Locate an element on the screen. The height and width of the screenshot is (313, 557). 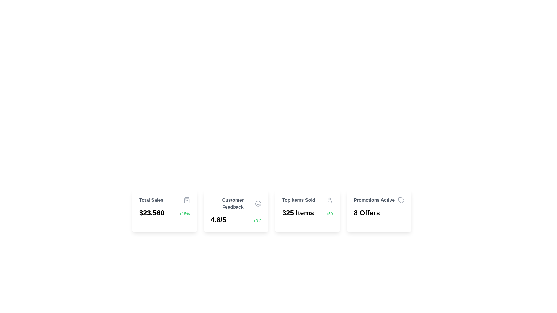
the customer satisfaction feedback icon located to the right of the 'Customer Feedback' text in the rectangular card is located at coordinates (258, 203).